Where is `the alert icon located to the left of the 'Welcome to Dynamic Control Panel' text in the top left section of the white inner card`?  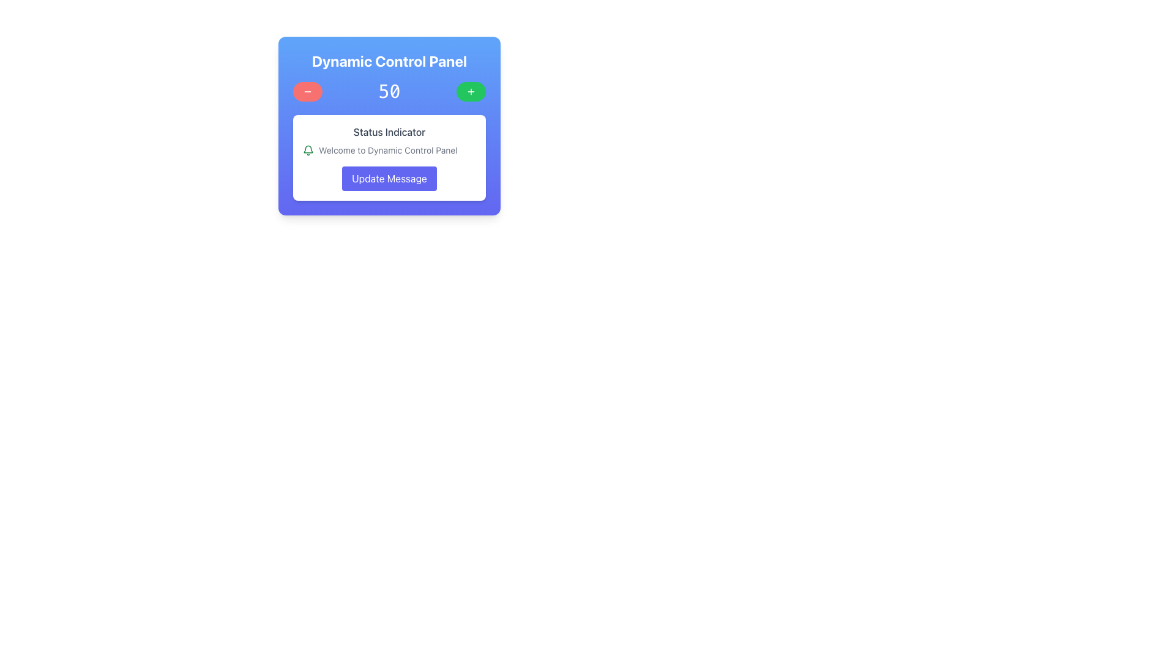
the alert icon located to the left of the 'Welcome to Dynamic Control Panel' text in the top left section of the white inner card is located at coordinates (308, 150).